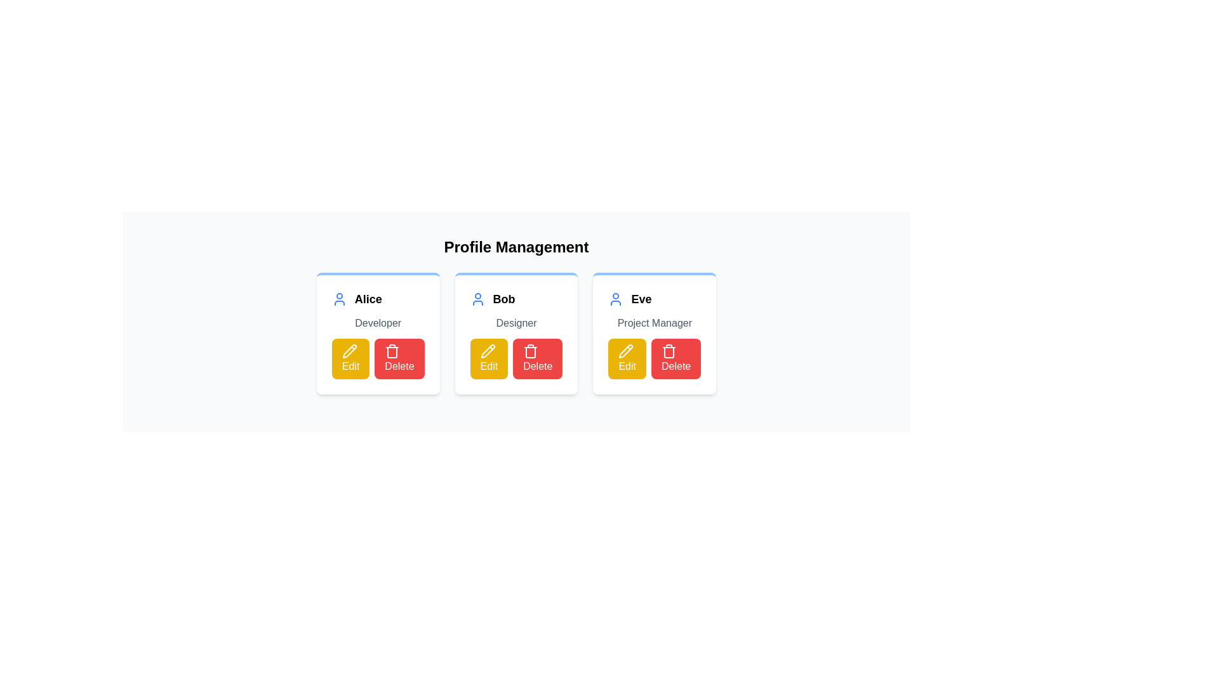  Describe the element at coordinates (503, 299) in the screenshot. I see `text content of the label displaying the name 'Bob' in the second profile card, which is centrally located below the user icon` at that location.